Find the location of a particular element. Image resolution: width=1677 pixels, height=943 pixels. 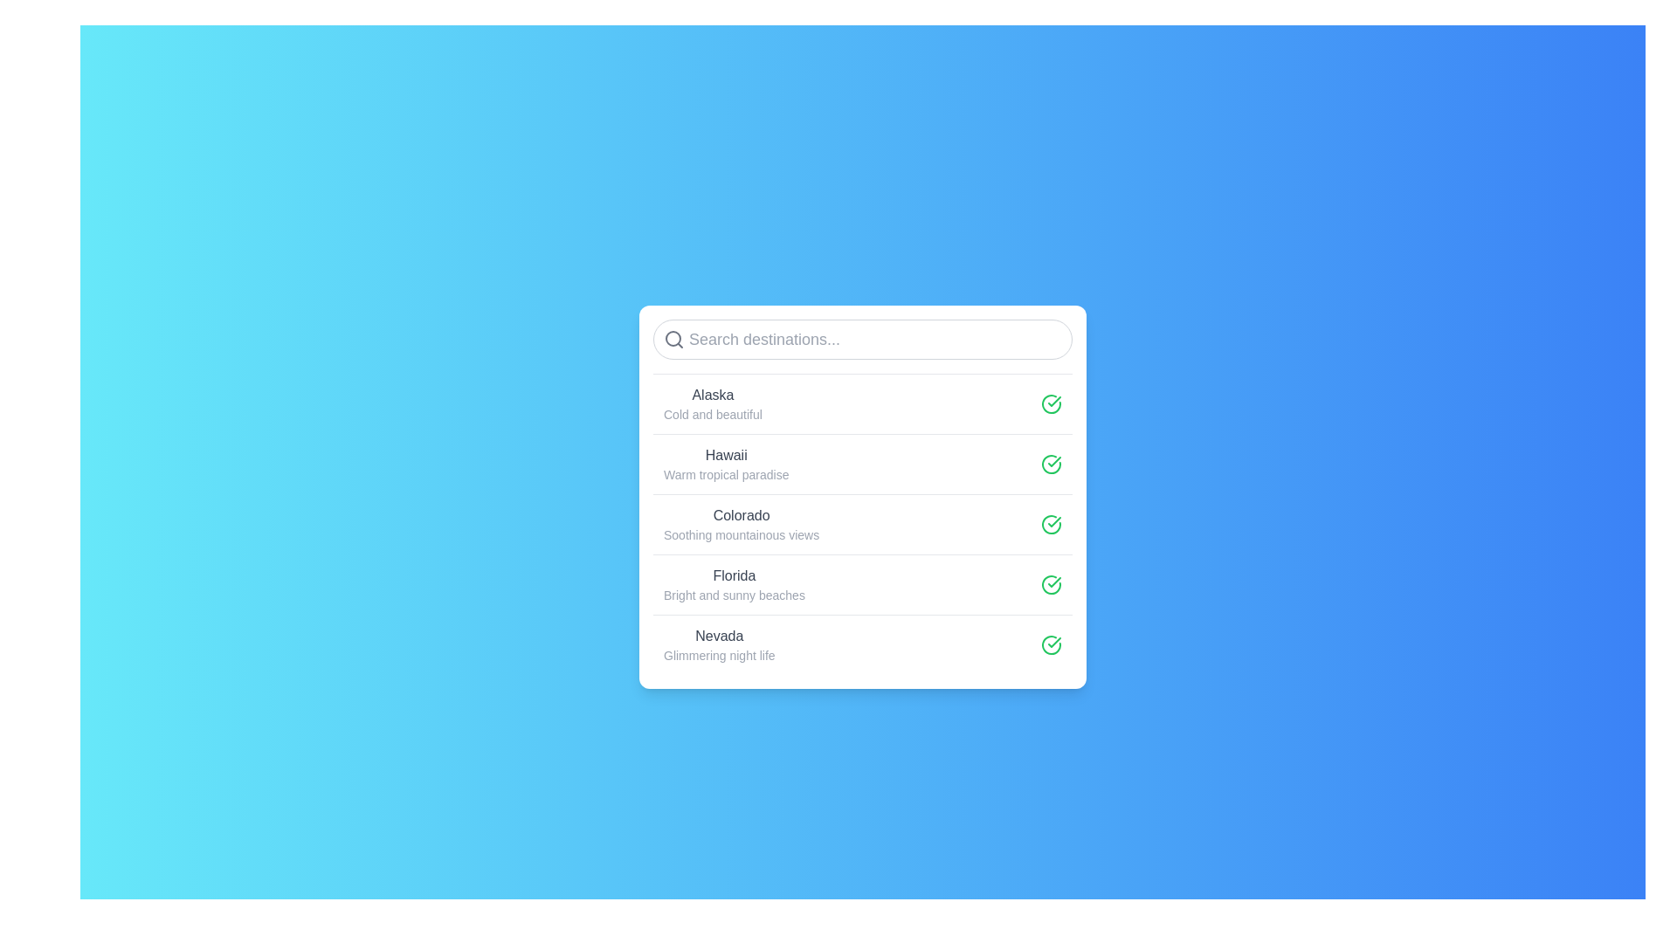

the text label displaying 'Cold and beautiful', which is styled in a smaller font size and lighter gray color, positioned below the label 'Alaska' is located at coordinates (713, 414).